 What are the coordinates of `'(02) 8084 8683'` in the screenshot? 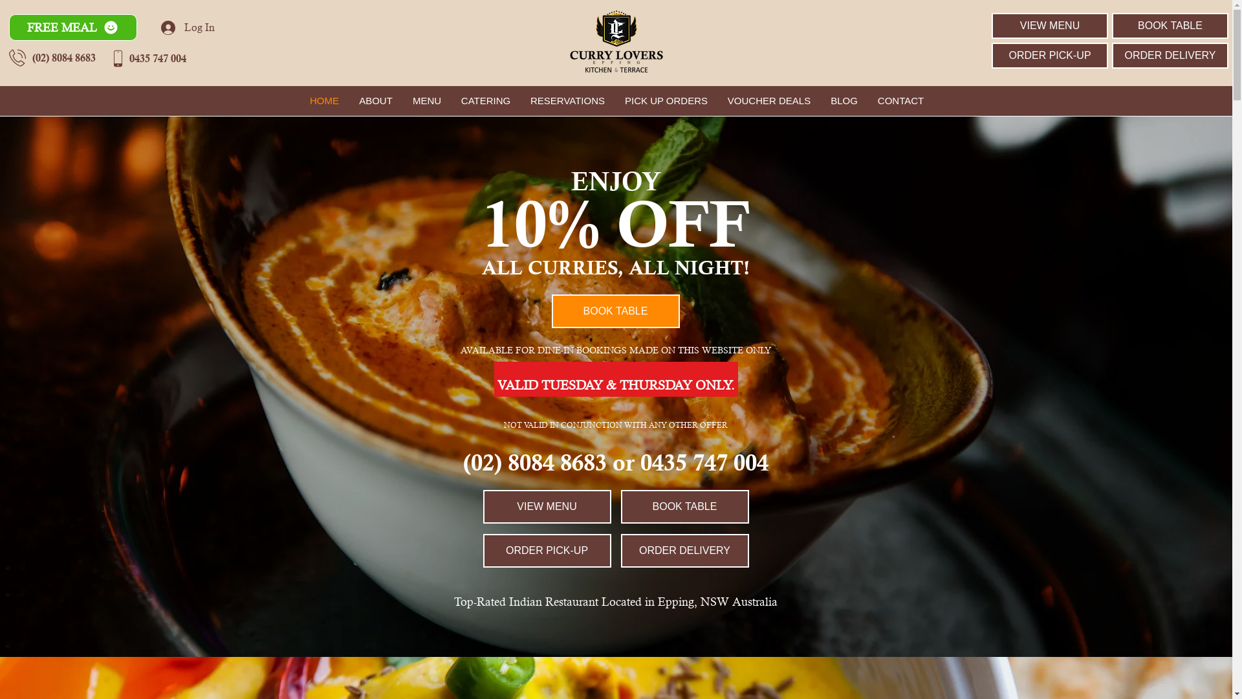 It's located at (63, 56).